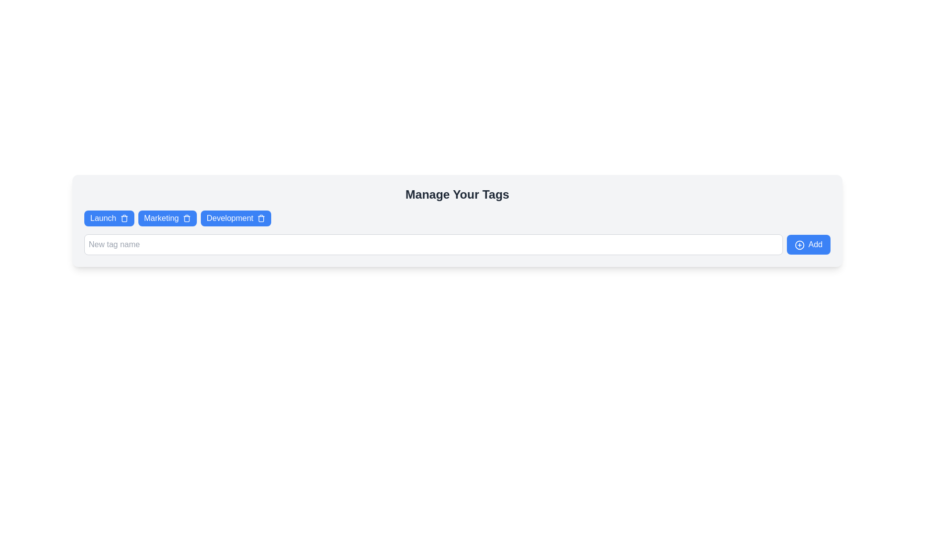  I want to click on the 'Development' button text, which is styled with a bold white font on a blue background, to focus on it, so click(229, 217).